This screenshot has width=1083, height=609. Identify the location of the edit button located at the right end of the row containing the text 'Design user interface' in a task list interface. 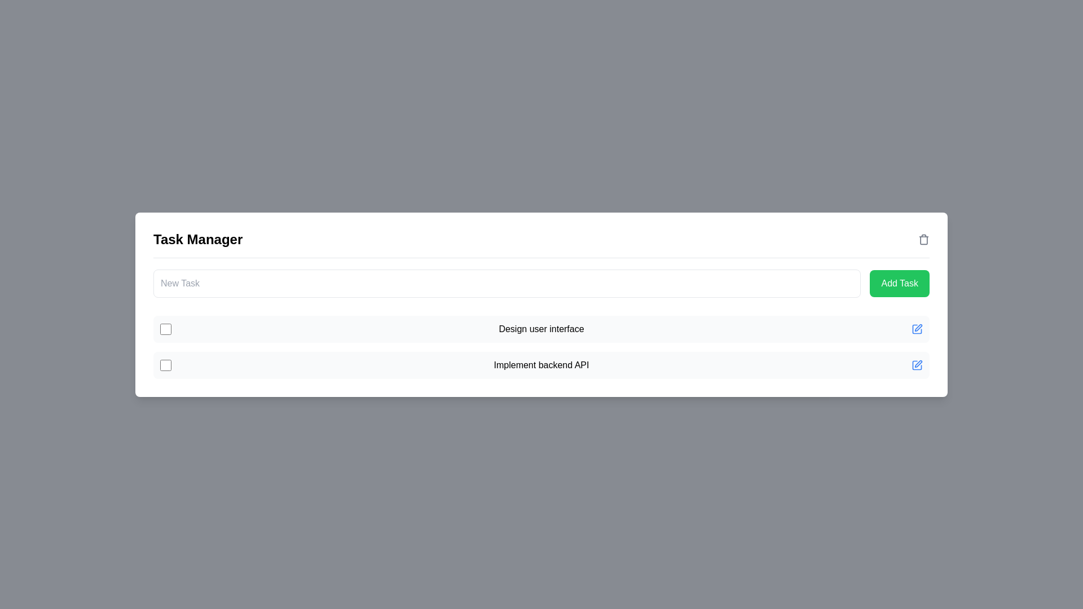
(917, 328).